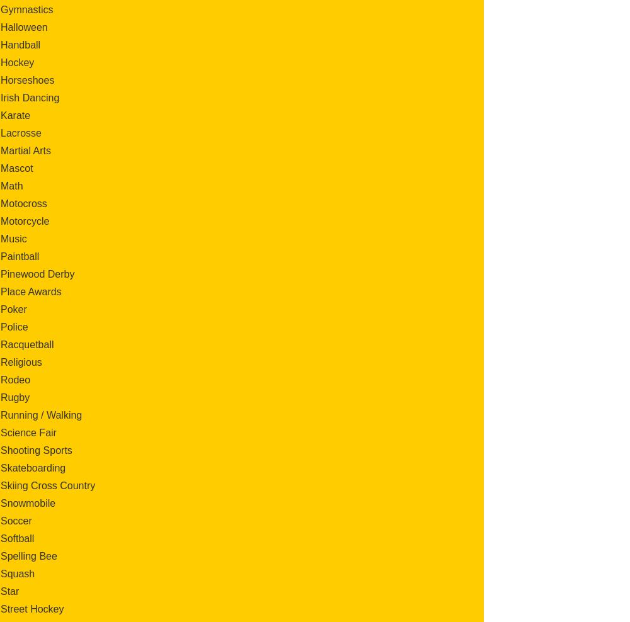 The width and height of the screenshot is (630, 622). What do you see at coordinates (26, 150) in the screenshot?
I see `'Martial Arts'` at bounding box center [26, 150].